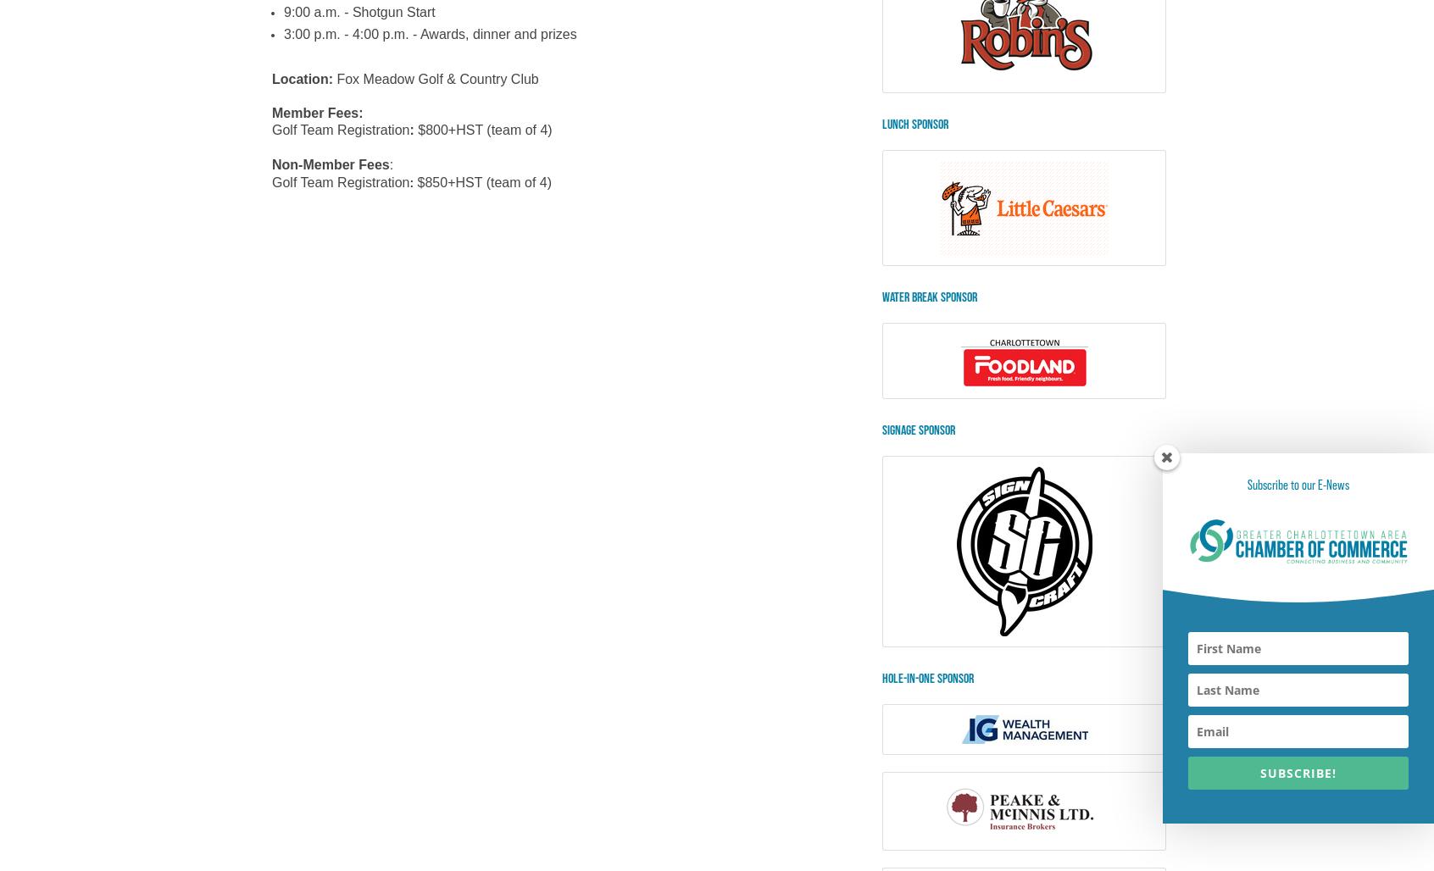 This screenshot has width=1434, height=871. Describe the element at coordinates (928, 678) in the screenshot. I see `'Hole-In-One Sponsor'` at that location.